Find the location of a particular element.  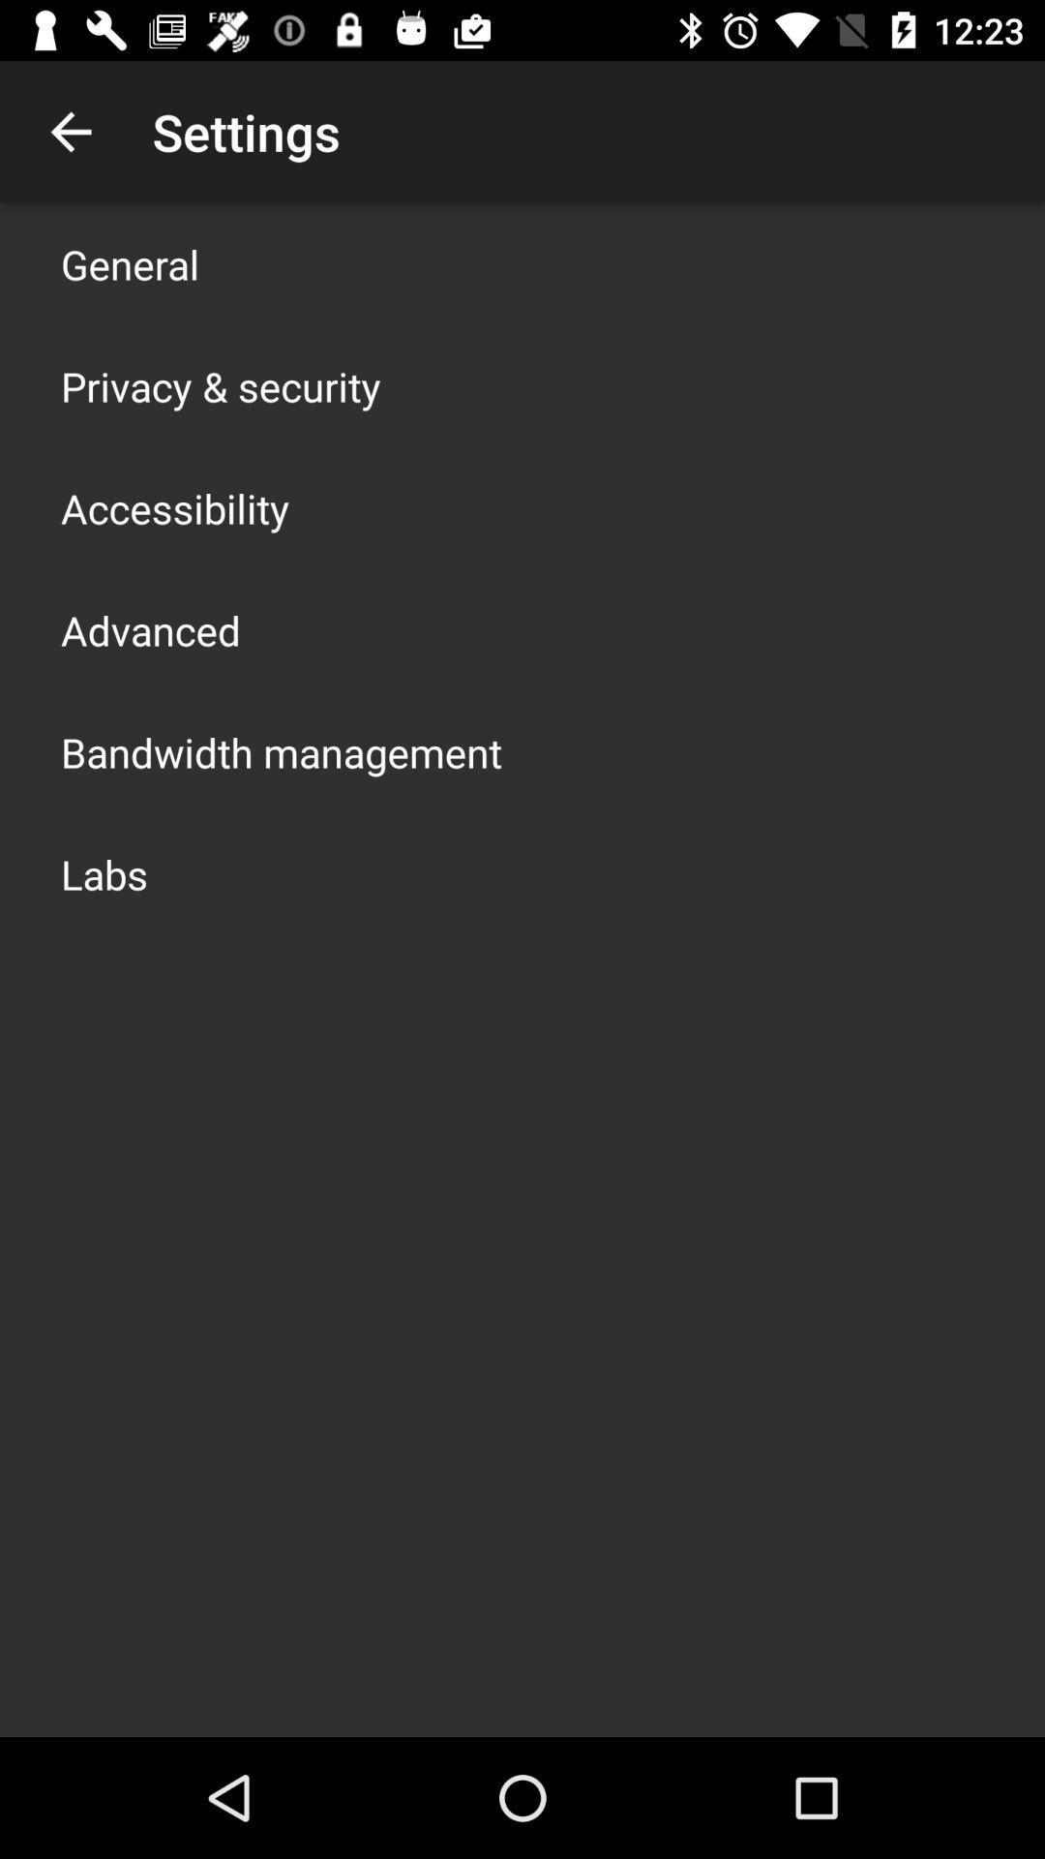

the icon below bandwidth management app is located at coordinates (104, 872).